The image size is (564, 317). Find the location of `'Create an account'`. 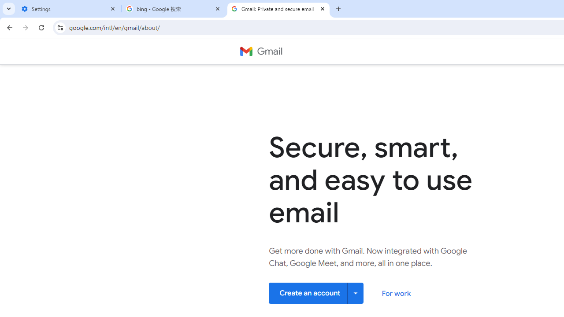

'Create an account' is located at coordinates (316, 293).